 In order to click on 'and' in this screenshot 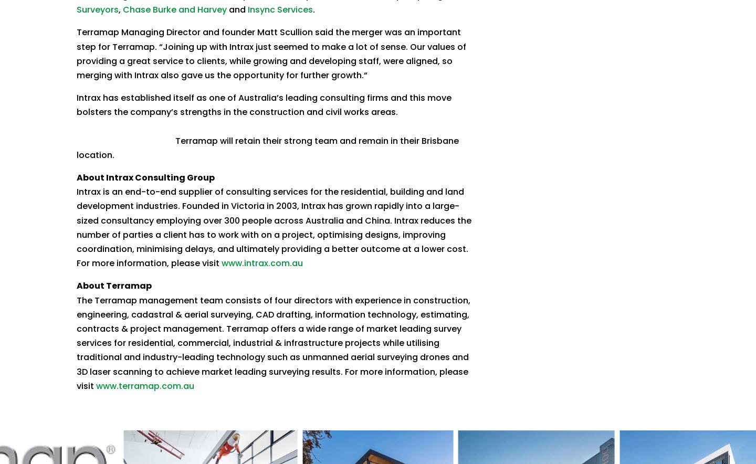, I will do `click(237, 9)`.